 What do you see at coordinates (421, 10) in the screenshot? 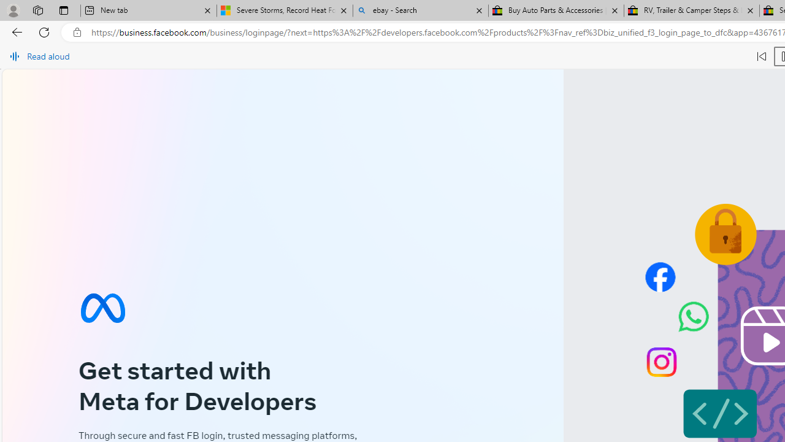
I see `'ebay - Search'` at bounding box center [421, 10].